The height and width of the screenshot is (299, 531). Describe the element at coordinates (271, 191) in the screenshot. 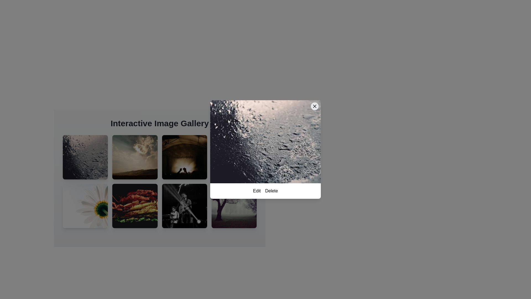

I see `the 'Delete' button located to the right of the 'Edit' button at the bottom-right section of the modal interface` at that location.